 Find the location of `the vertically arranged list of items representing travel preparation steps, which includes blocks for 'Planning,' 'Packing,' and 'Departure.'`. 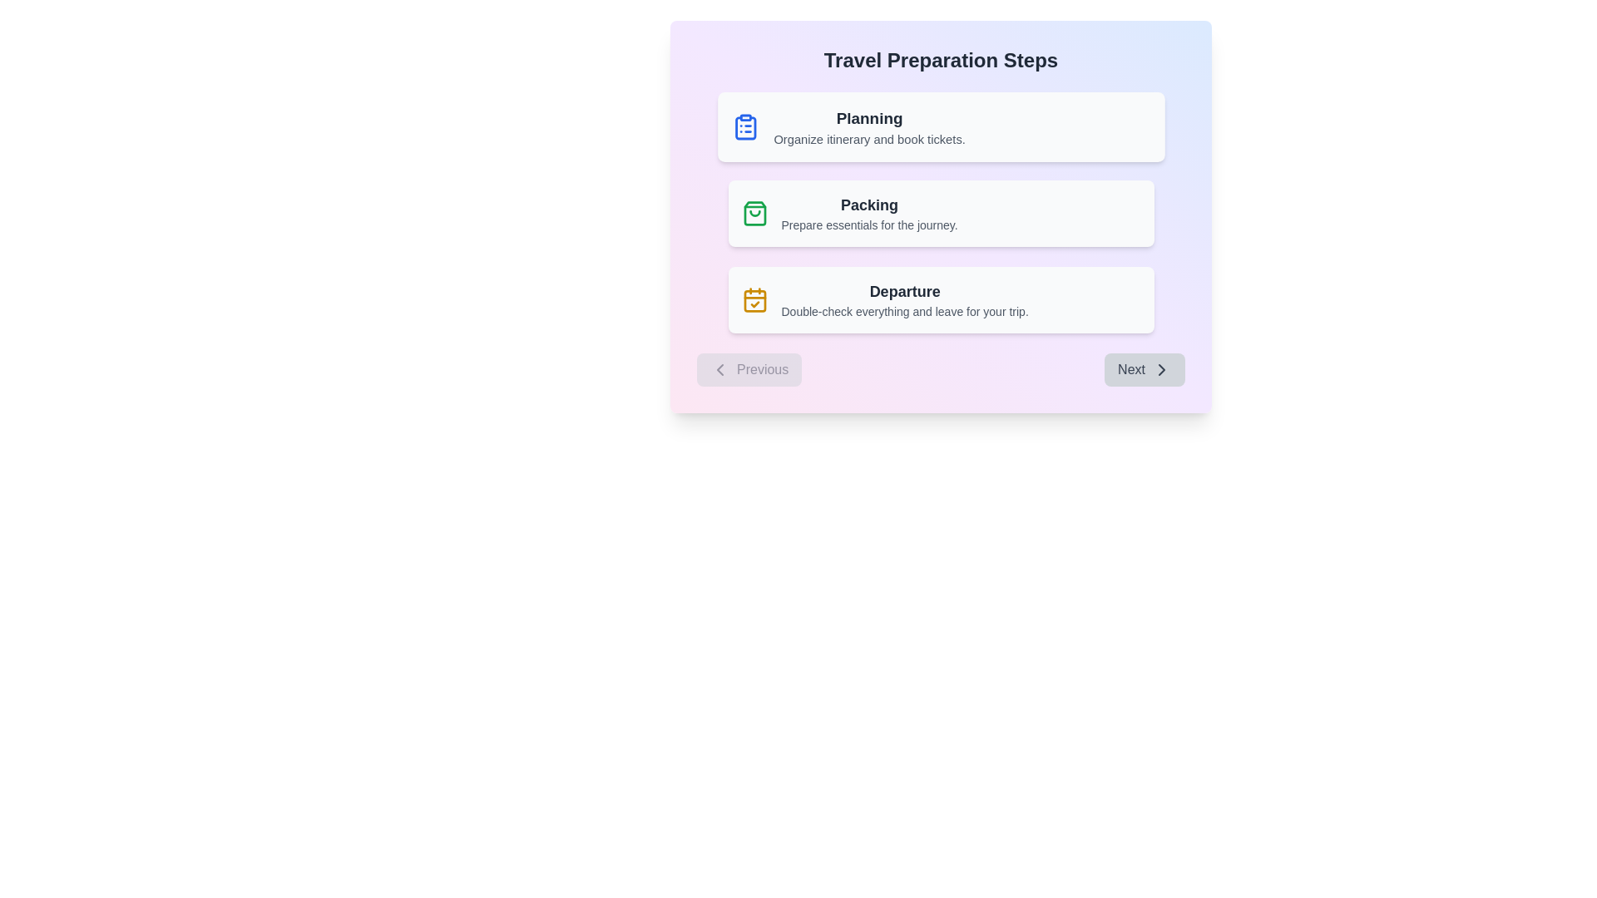

the vertically arranged list of items representing travel preparation steps, which includes blocks for 'Planning,' 'Packing,' and 'Departure.' is located at coordinates (941, 213).